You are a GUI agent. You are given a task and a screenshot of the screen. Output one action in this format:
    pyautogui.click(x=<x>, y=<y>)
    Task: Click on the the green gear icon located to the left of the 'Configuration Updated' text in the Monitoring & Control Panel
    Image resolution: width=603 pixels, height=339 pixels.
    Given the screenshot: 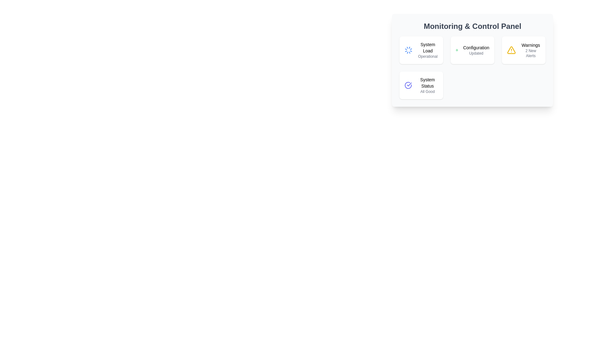 What is the action you would take?
    pyautogui.click(x=457, y=50)
    